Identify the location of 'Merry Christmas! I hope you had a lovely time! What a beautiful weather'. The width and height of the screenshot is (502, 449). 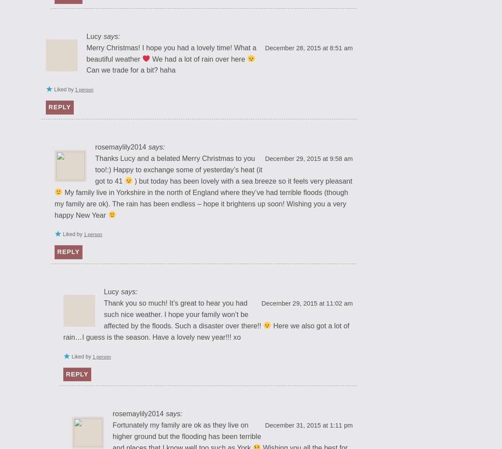
(171, 52).